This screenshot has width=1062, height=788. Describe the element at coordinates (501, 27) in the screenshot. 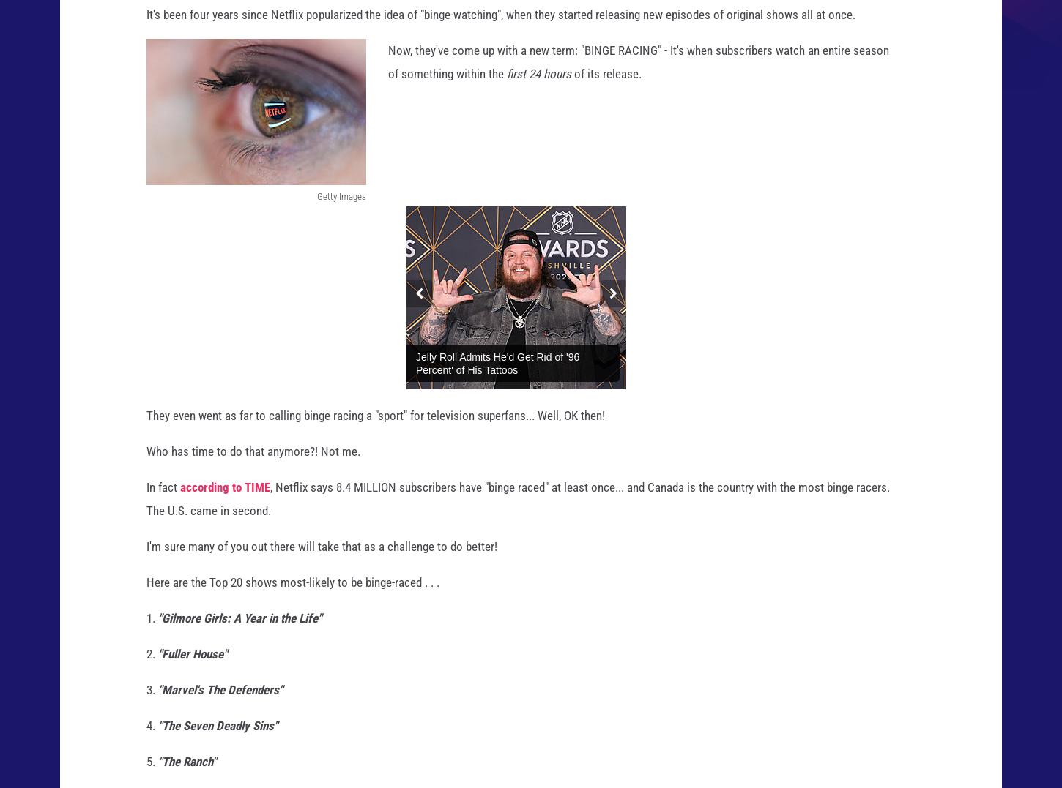

I see `'It's been four years since Netflix popularized the idea of "binge-watching", when they started releasing new episodes of original shows all at once.'` at that location.